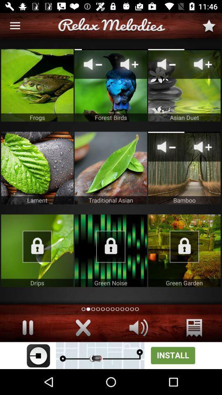 This screenshot has height=395, width=222. What do you see at coordinates (37, 250) in the screenshot?
I see `open folder` at bounding box center [37, 250].